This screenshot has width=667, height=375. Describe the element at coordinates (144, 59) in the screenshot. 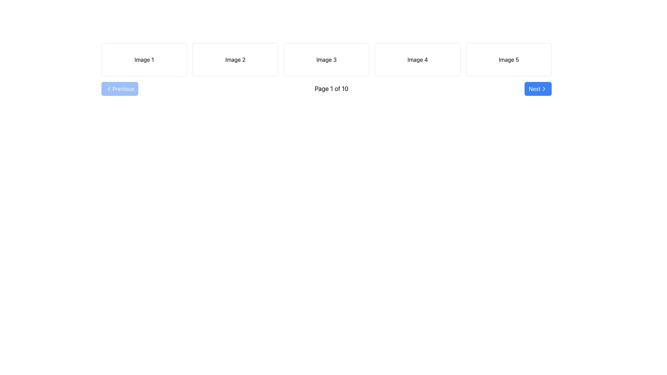

I see `the rectangular box with a white background, rounded corners, and centered text displaying 'Image 1'` at that location.